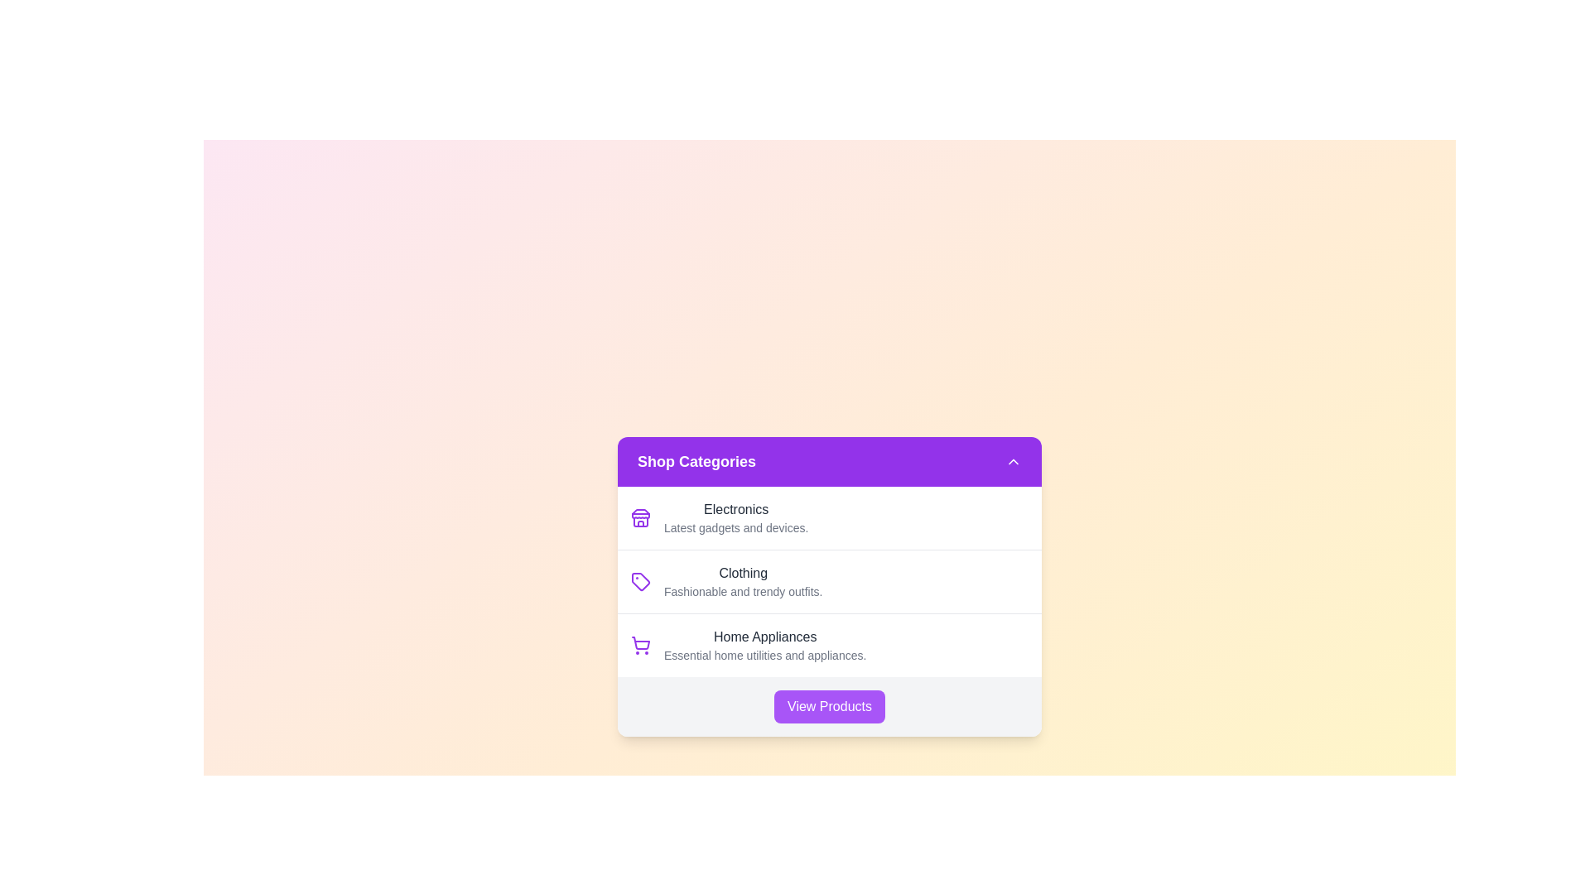  Describe the element at coordinates (764, 637) in the screenshot. I see `the text element labeled Home Appliances` at that location.